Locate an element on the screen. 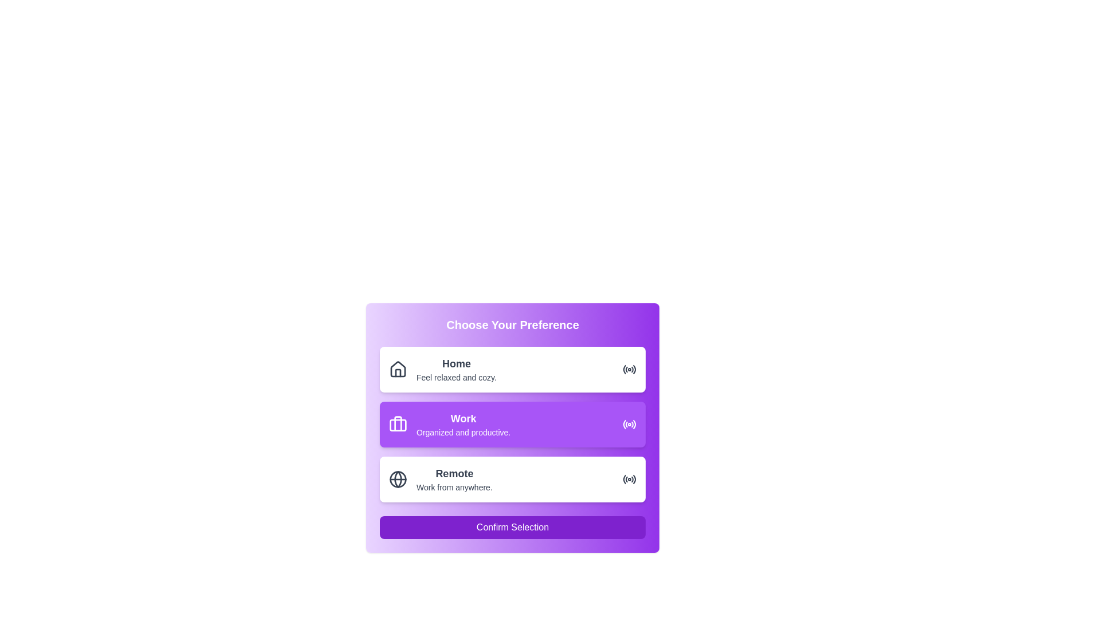 Image resolution: width=1100 pixels, height=618 pixels. the supporting text element that provides a subtitle or description for the selection option labeled 'Remote', which is located directly below the sibling text 'Remote' in the lower section of the third selection option is located at coordinates (454, 488).